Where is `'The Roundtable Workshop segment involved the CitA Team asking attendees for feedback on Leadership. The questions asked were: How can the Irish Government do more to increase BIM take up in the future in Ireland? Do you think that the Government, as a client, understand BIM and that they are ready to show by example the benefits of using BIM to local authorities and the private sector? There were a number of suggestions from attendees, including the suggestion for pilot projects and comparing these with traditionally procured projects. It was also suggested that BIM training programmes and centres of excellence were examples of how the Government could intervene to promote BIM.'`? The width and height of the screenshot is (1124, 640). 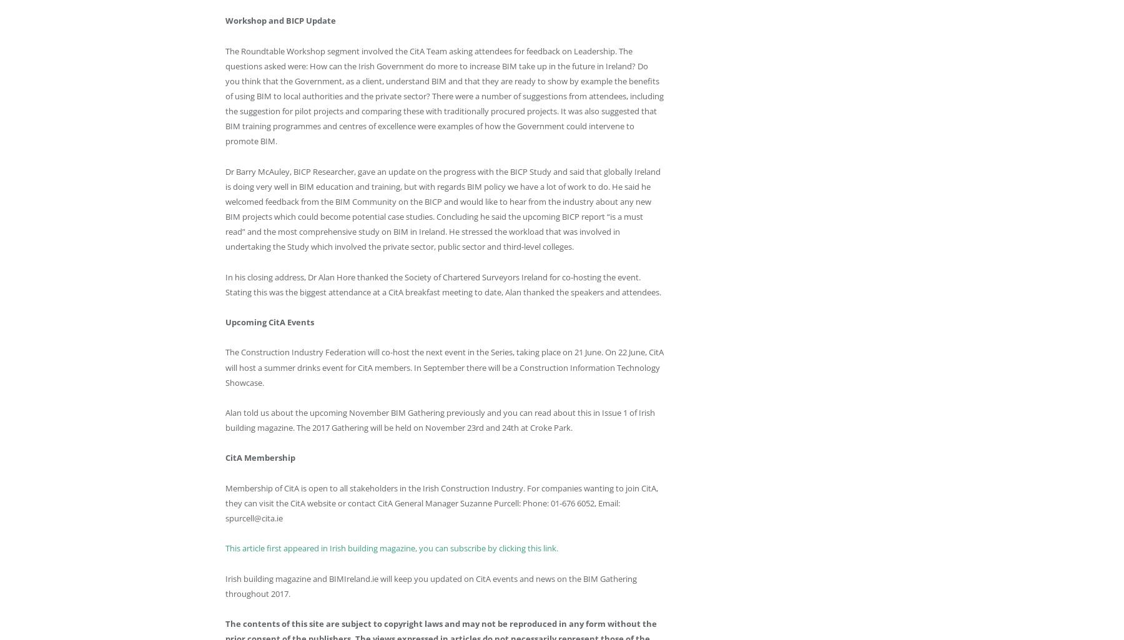
'The Roundtable Workshop segment involved the CitA Team asking attendees for feedback on Leadership. The questions asked were: How can the Irish Government do more to increase BIM take up in the future in Ireland? Do you think that the Government, as a client, understand BIM and that they are ready to show by example the benefits of using BIM to local authorities and the private sector? There were a number of suggestions from attendees, including the suggestion for pilot projects and comparing these with traditionally procured projects. It was also suggested that BIM training programmes and centres of excellence were examples of how the Government could intervene to promote BIM.' is located at coordinates (444, 95).